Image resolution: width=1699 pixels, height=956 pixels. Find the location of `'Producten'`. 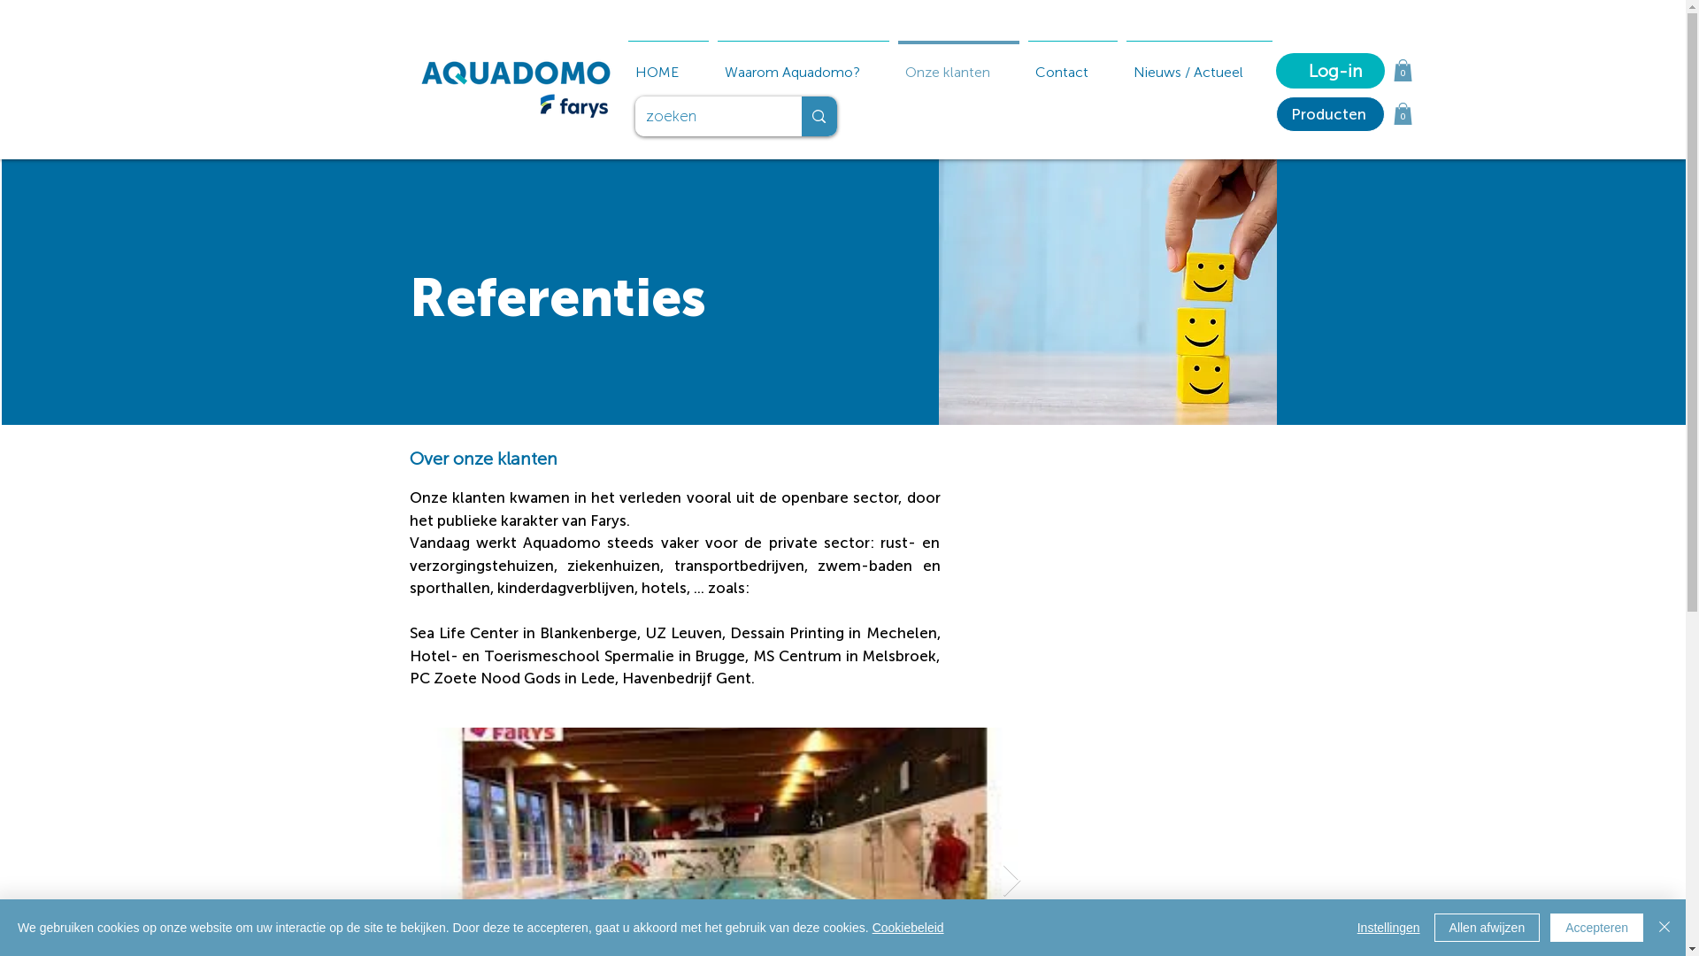

'Producten' is located at coordinates (1275, 113).